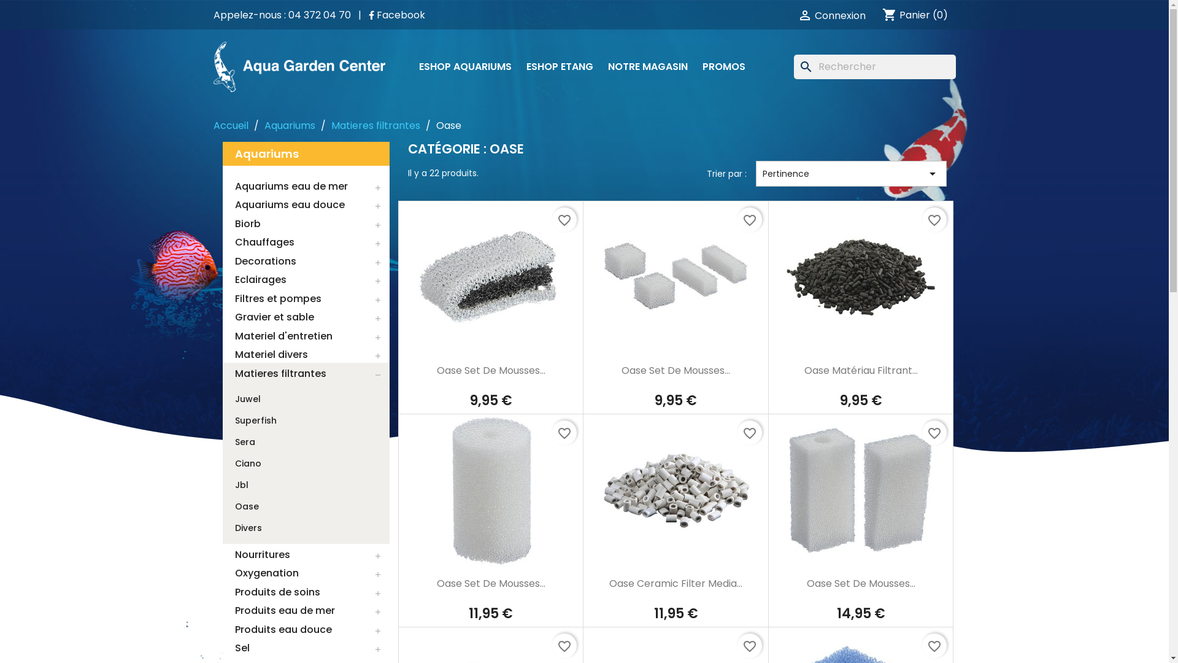 This screenshot has width=1178, height=663. I want to click on 'Facebook', so click(396, 15).